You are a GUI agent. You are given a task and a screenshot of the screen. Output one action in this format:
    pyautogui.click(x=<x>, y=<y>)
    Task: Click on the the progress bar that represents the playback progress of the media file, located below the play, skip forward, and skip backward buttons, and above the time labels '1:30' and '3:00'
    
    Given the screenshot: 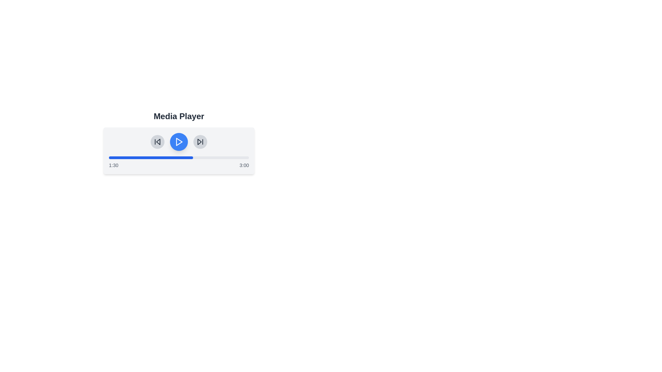 What is the action you would take?
    pyautogui.click(x=179, y=158)
    